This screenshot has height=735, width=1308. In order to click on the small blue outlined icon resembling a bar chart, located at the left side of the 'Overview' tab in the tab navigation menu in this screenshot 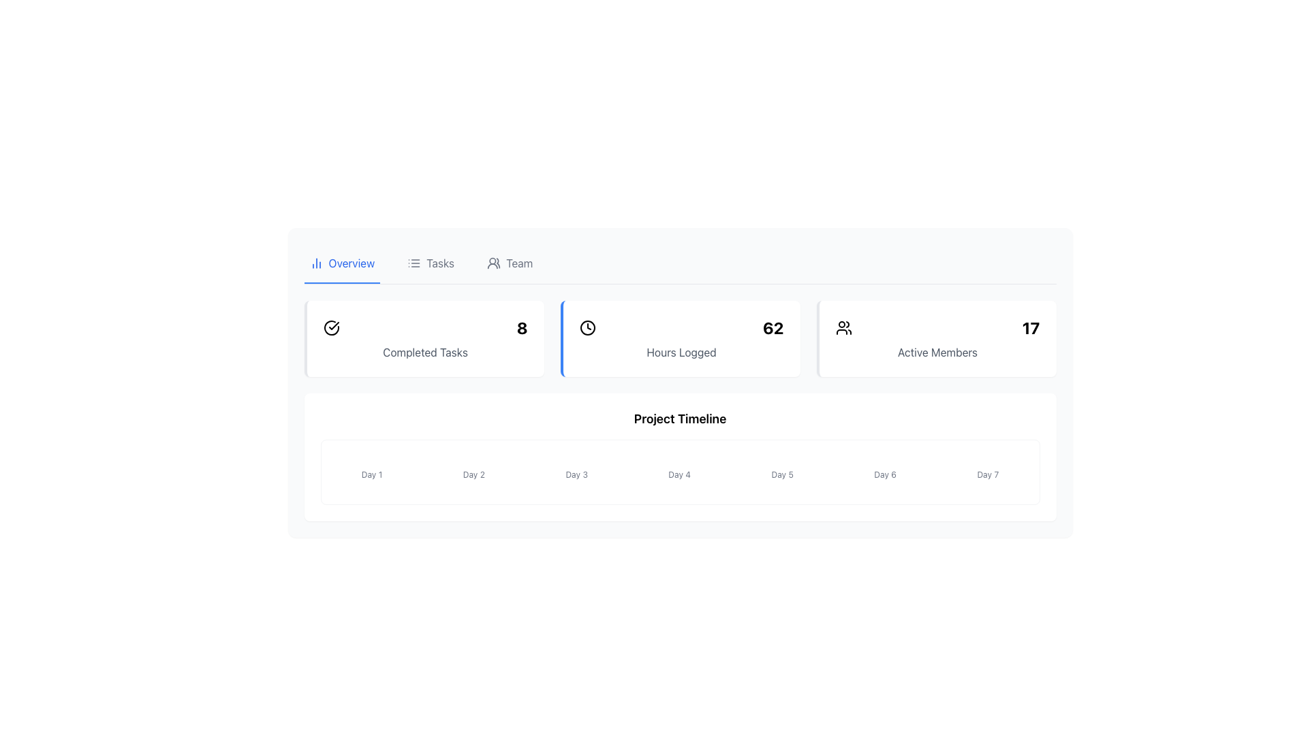, I will do `click(315, 263)`.